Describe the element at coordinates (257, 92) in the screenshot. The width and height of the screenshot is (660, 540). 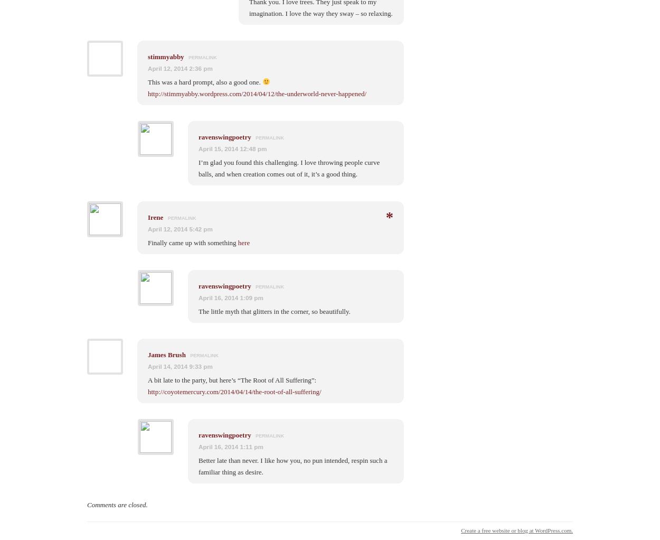
I see `'http://stimmyabby.wordpress.com/2014/04/12/the-underworld-never-happened/'` at that location.